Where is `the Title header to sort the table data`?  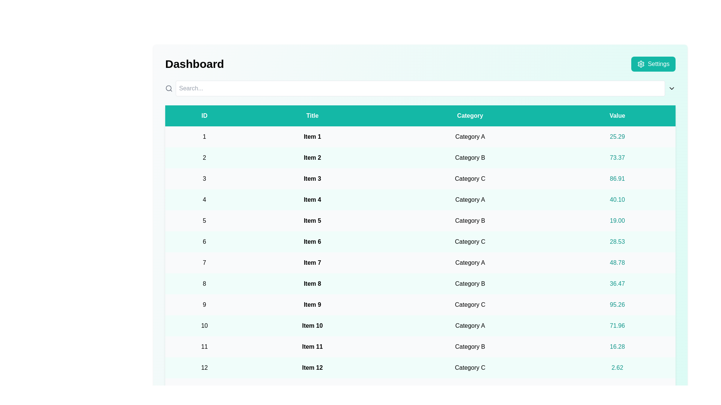 the Title header to sort the table data is located at coordinates (312, 115).